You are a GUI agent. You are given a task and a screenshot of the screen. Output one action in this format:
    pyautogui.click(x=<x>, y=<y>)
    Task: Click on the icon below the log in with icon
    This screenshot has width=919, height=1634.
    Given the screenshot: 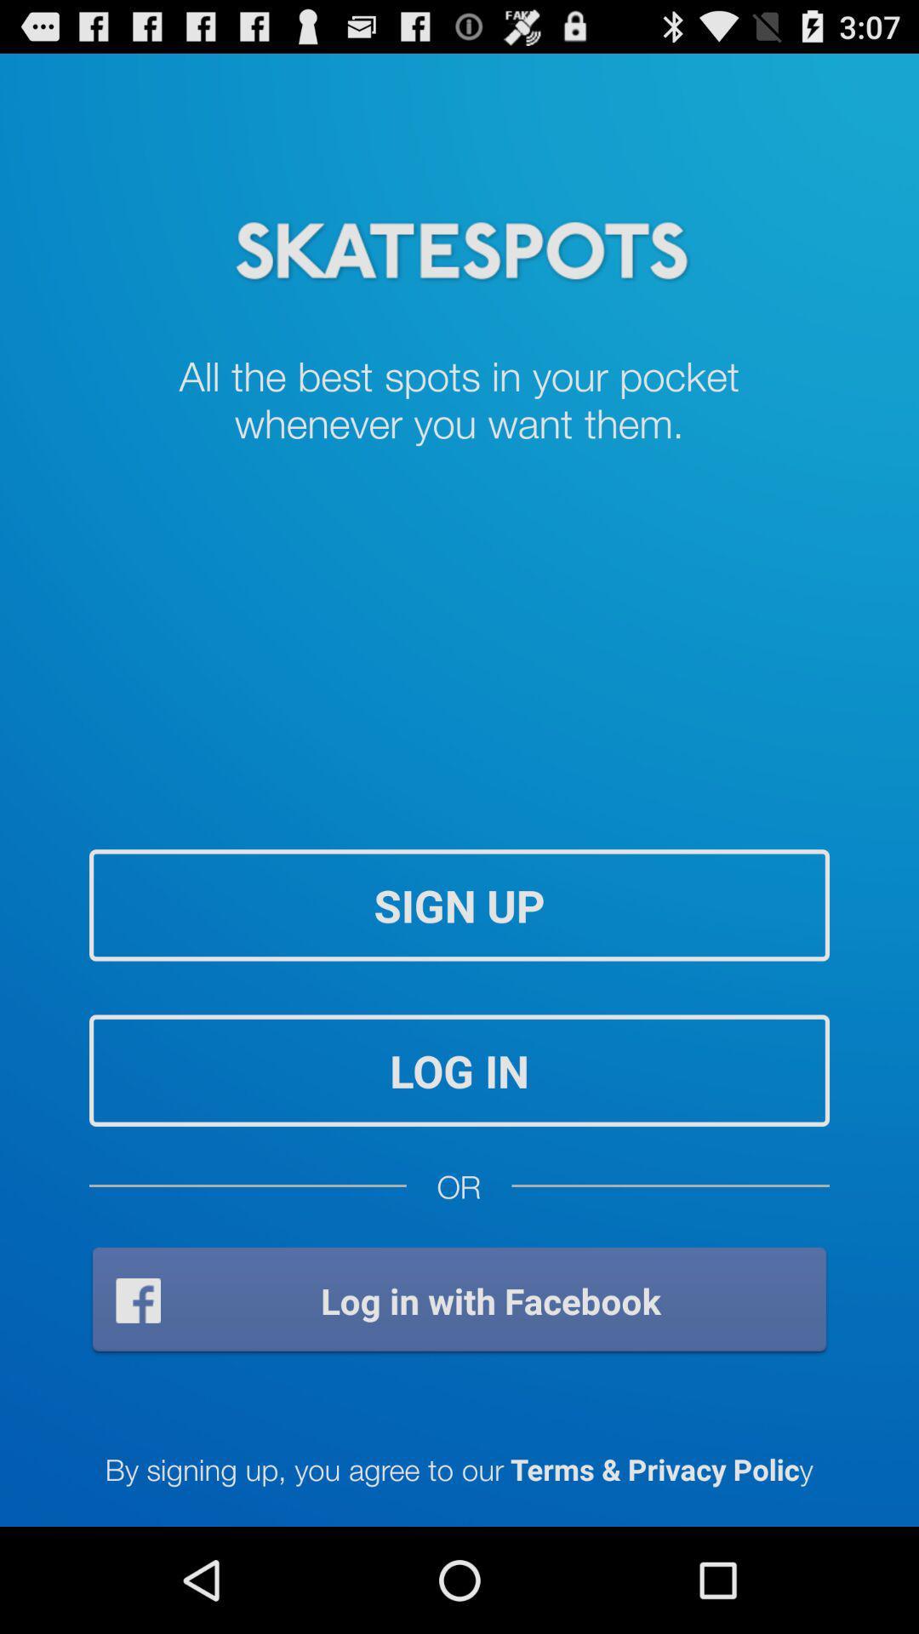 What is the action you would take?
    pyautogui.click(x=458, y=1467)
    